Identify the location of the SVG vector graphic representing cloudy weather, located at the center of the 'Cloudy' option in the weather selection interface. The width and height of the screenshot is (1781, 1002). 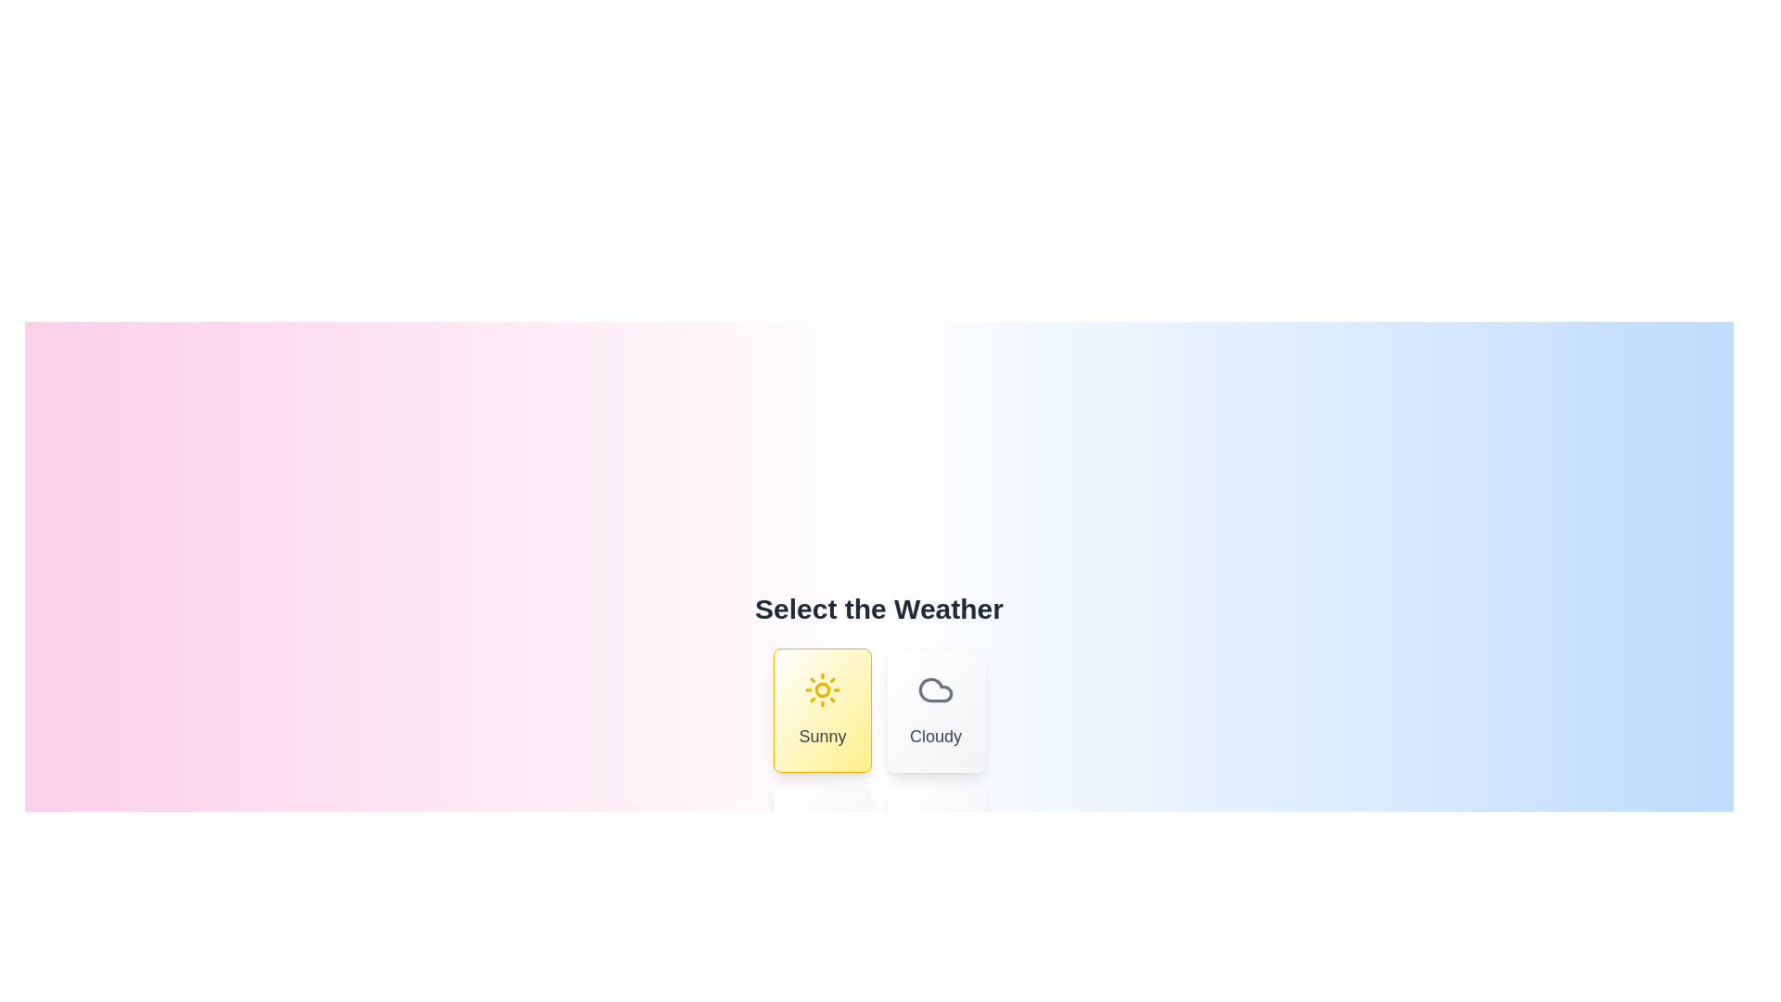
(935, 690).